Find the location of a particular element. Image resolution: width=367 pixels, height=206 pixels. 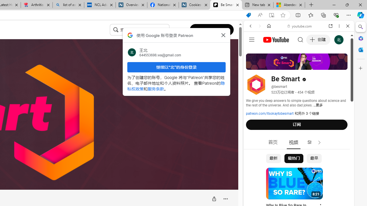

'Forward' is located at coordinates (259, 26).